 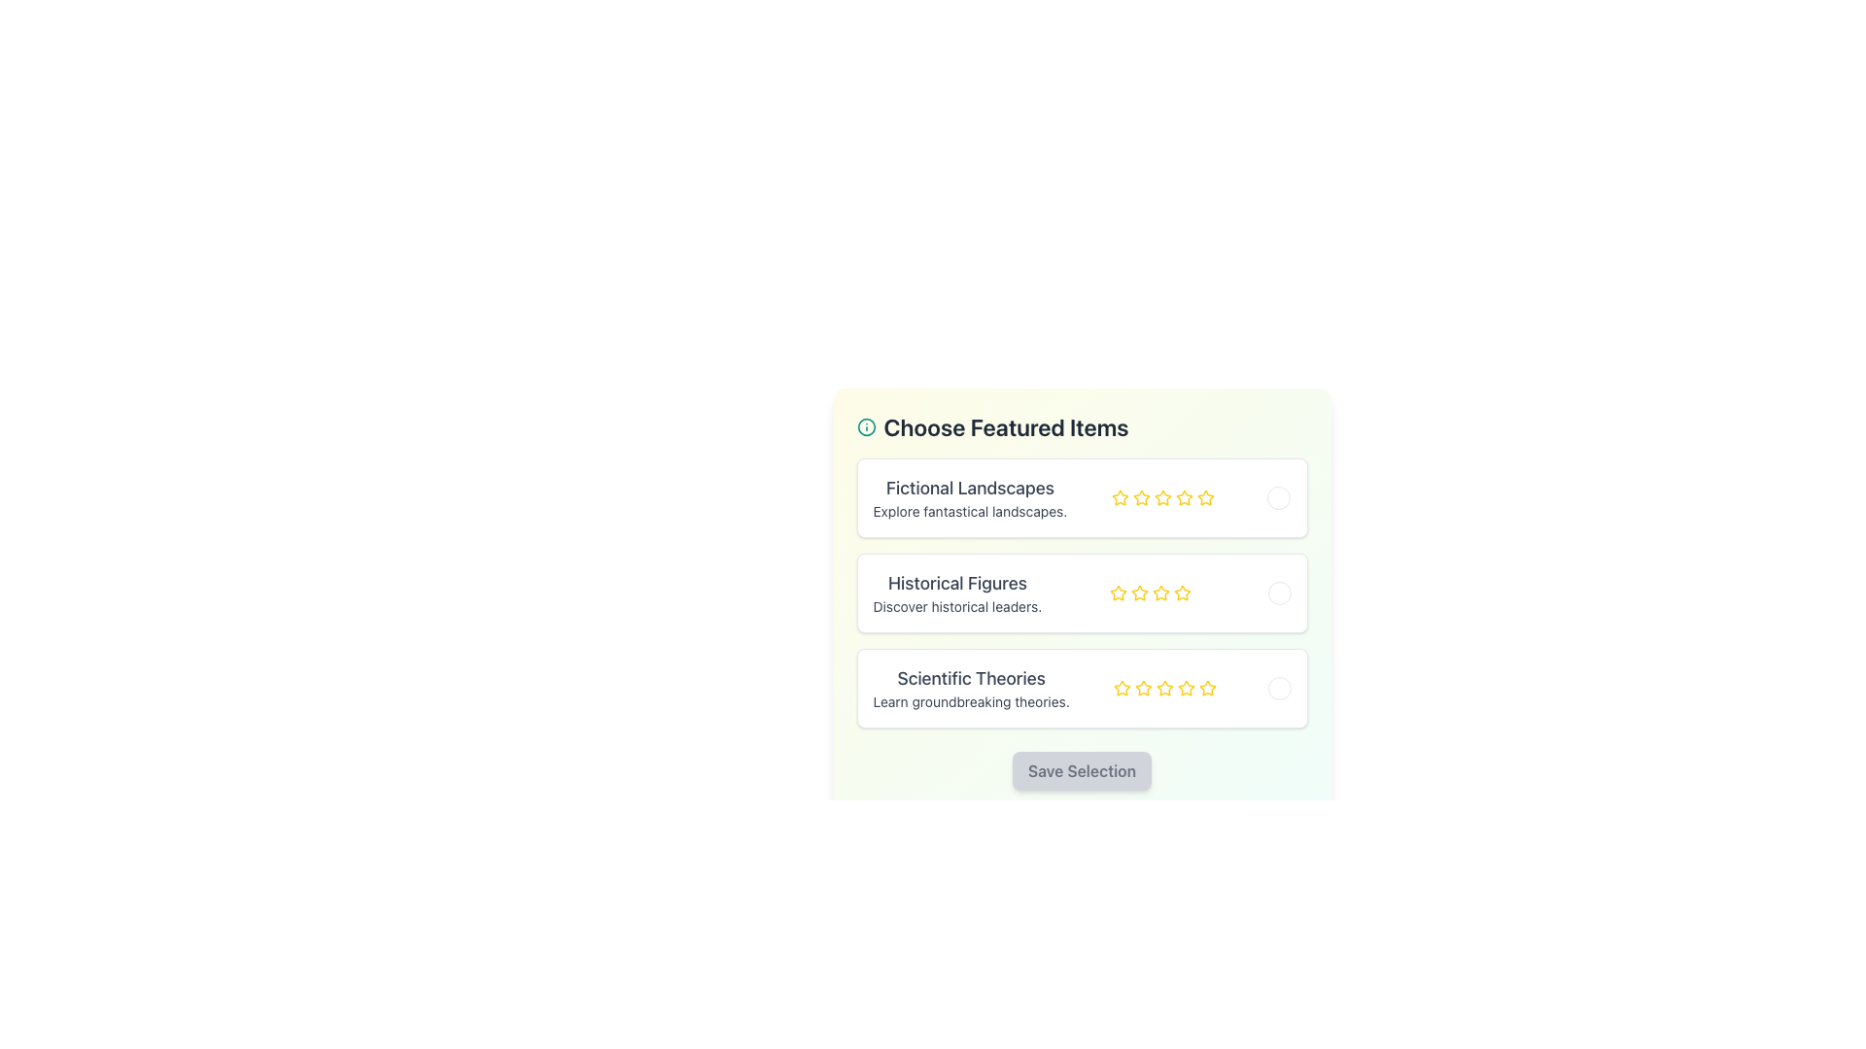 I want to click on the action button to finalize or save the user's selection, located below the 'Choose Featured Items' list and directly beneath the three rating items, so click(x=1081, y=770).